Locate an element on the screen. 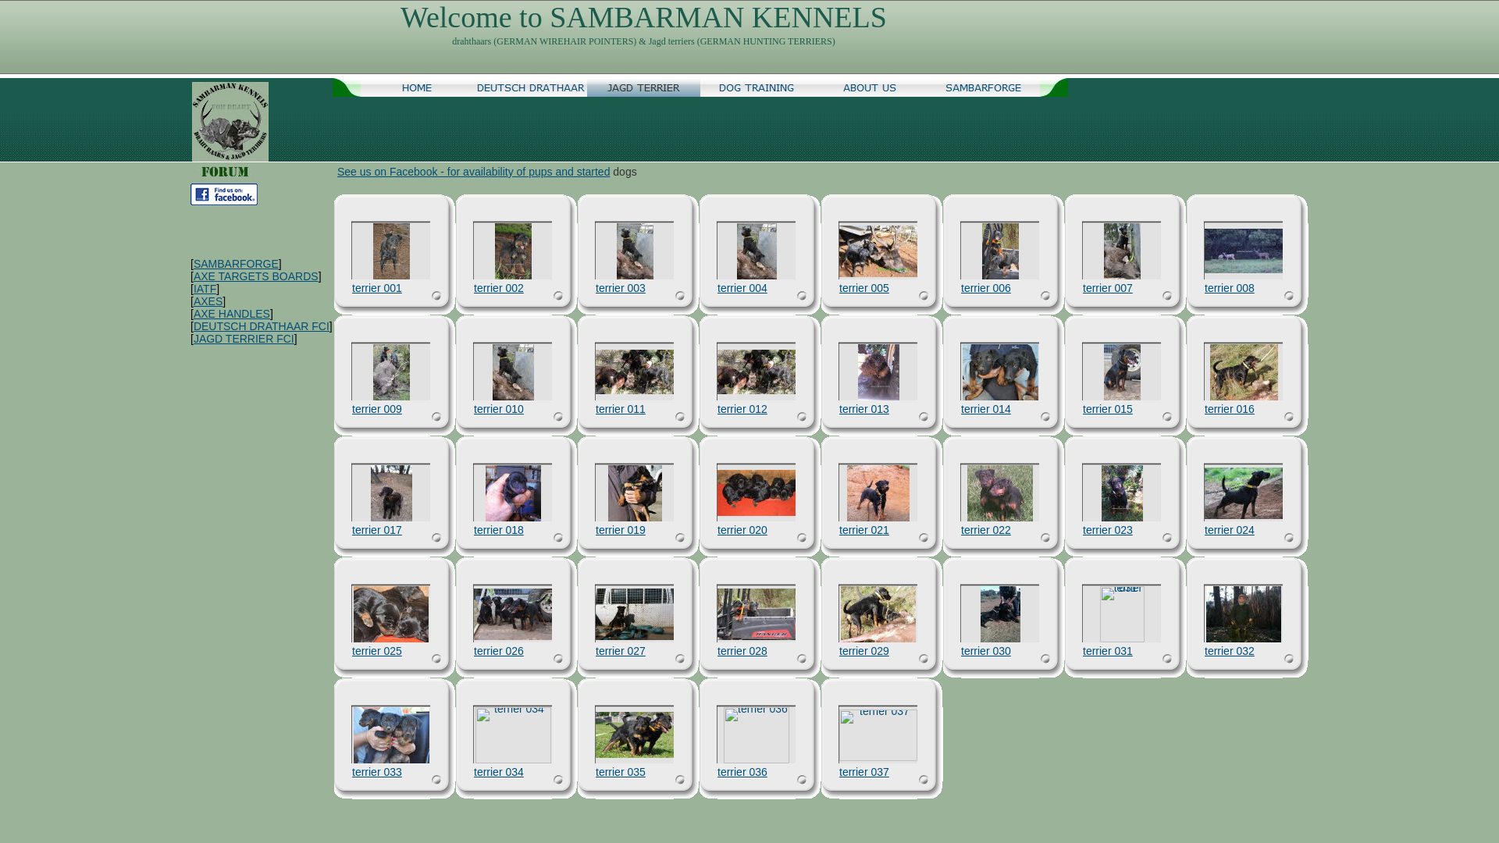  'terrier 030' is located at coordinates (960, 650).